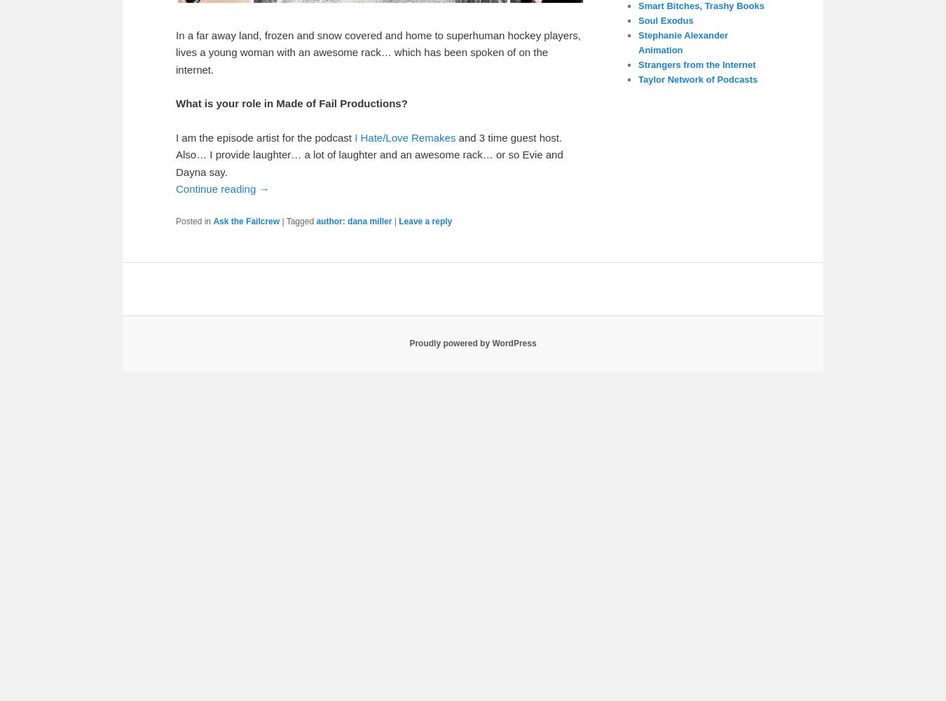  What do you see at coordinates (353, 137) in the screenshot?
I see `'I Hate/Love Remakes'` at bounding box center [353, 137].